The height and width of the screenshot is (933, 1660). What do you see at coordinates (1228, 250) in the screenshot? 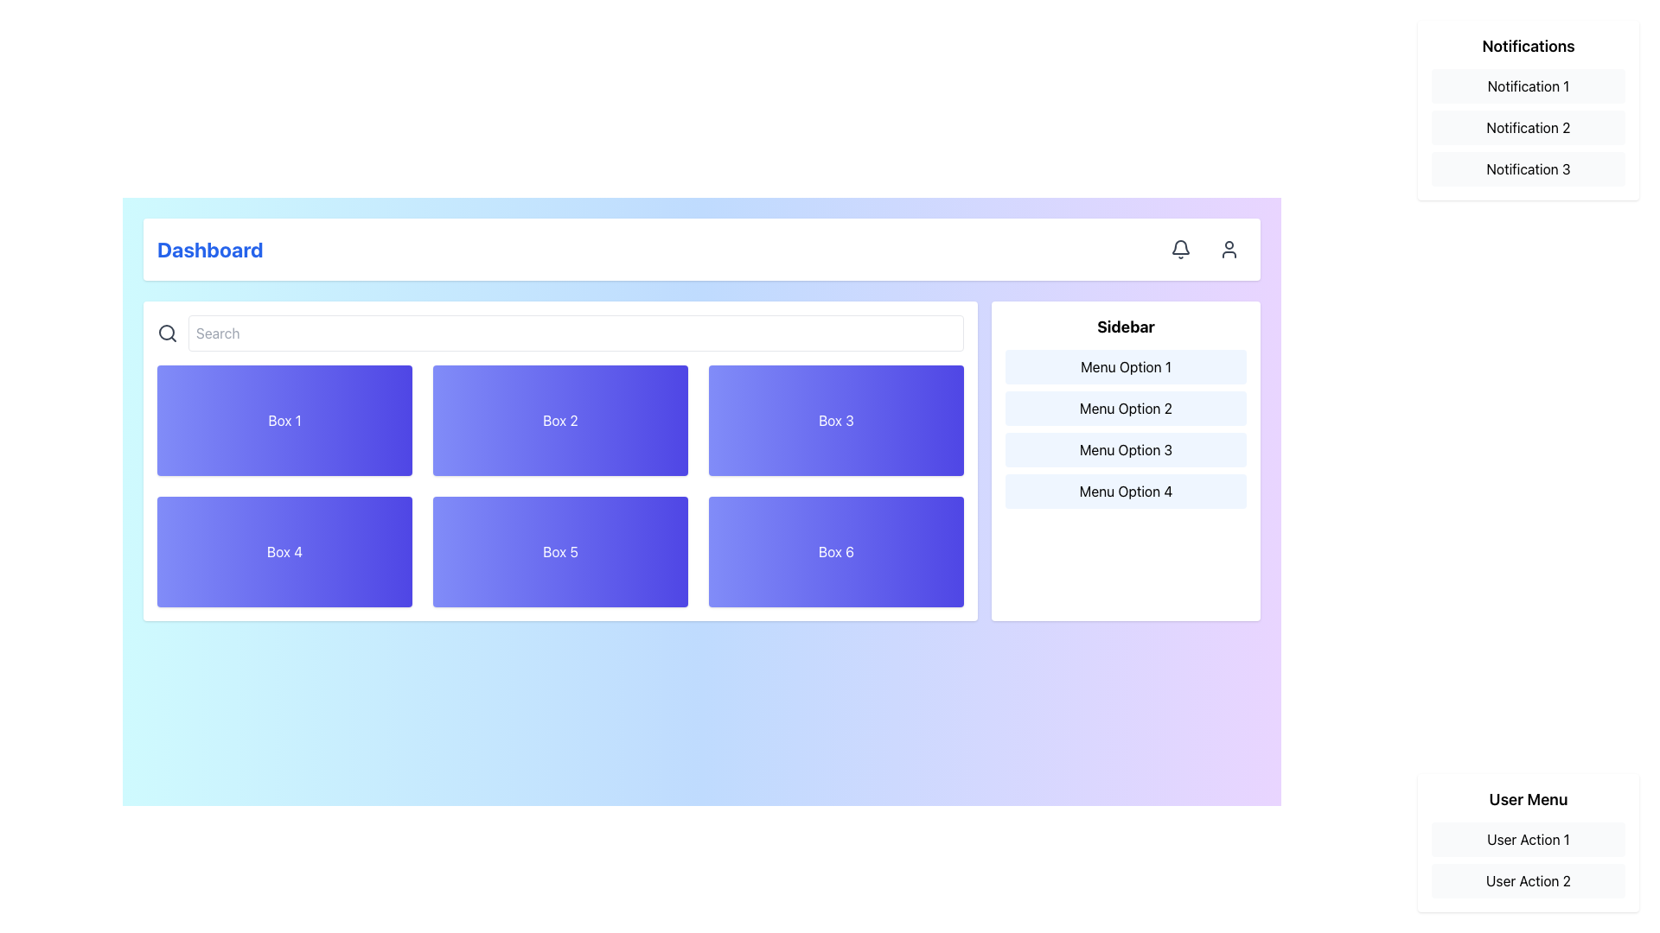
I see `the user icon located in the top-right corner of the dashboard interface` at bounding box center [1228, 250].